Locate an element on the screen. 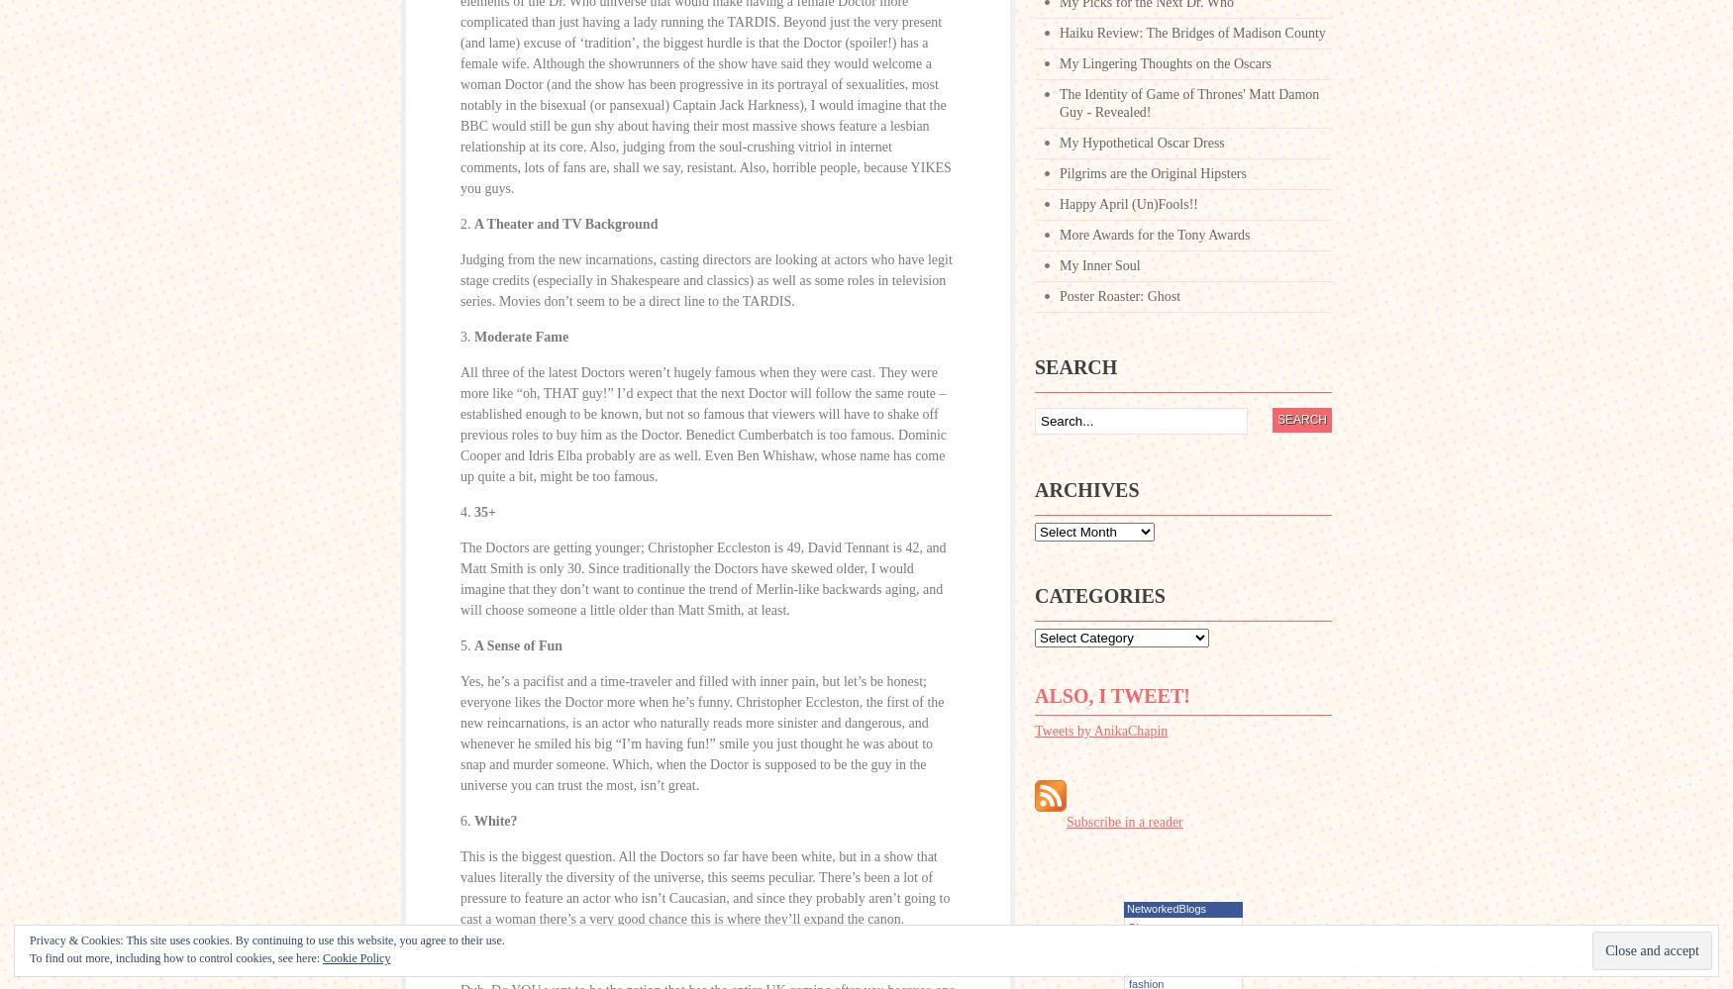 The height and width of the screenshot is (989, 1733). 'Also, I tweet!' is located at coordinates (1111, 695).